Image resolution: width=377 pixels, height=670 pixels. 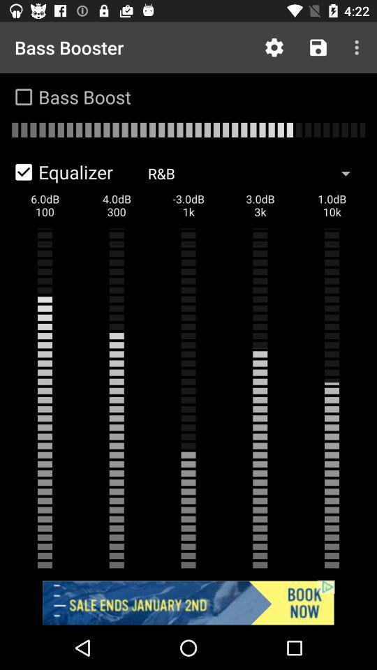 I want to click on click advertisement banner, so click(x=188, y=602).